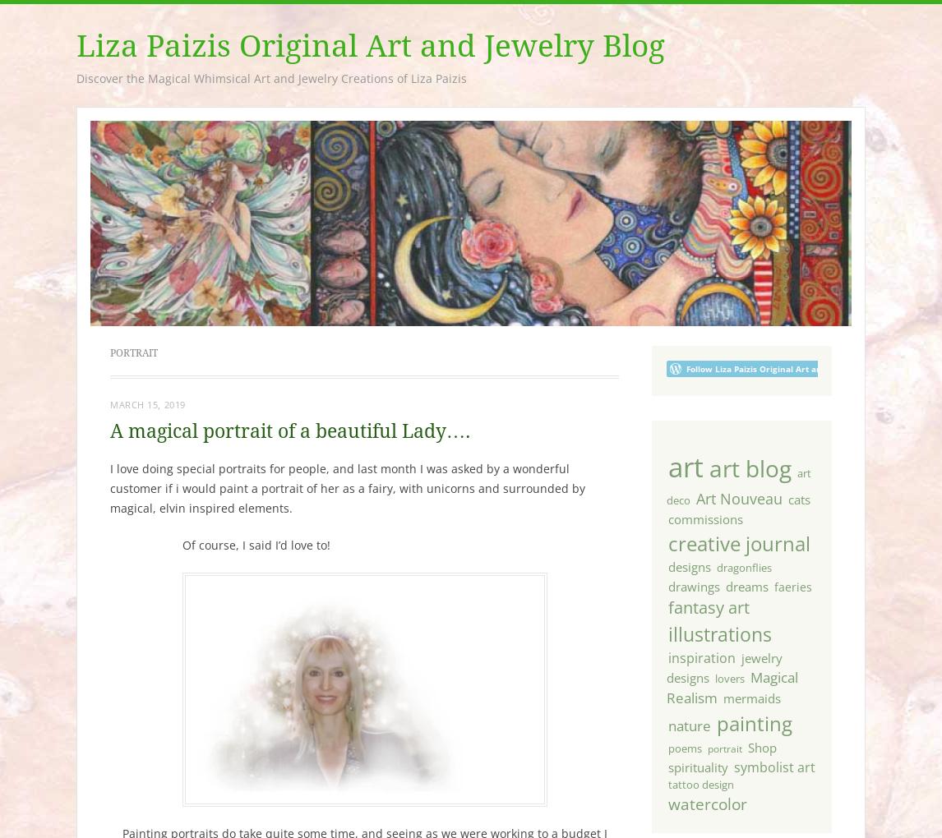 The height and width of the screenshot is (838, 942). Describe the element at coordinates (737, 486) in the screenshot. I see `'art deco'` at that location.